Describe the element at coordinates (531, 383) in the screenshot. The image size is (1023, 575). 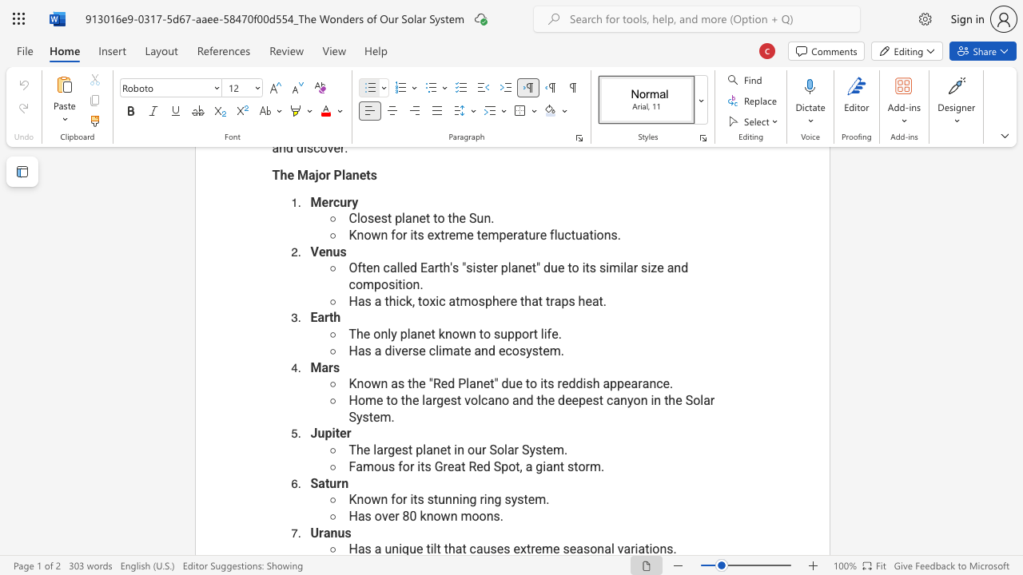
I see `the space between the continuous character "t" and "o" in the text` at that location.